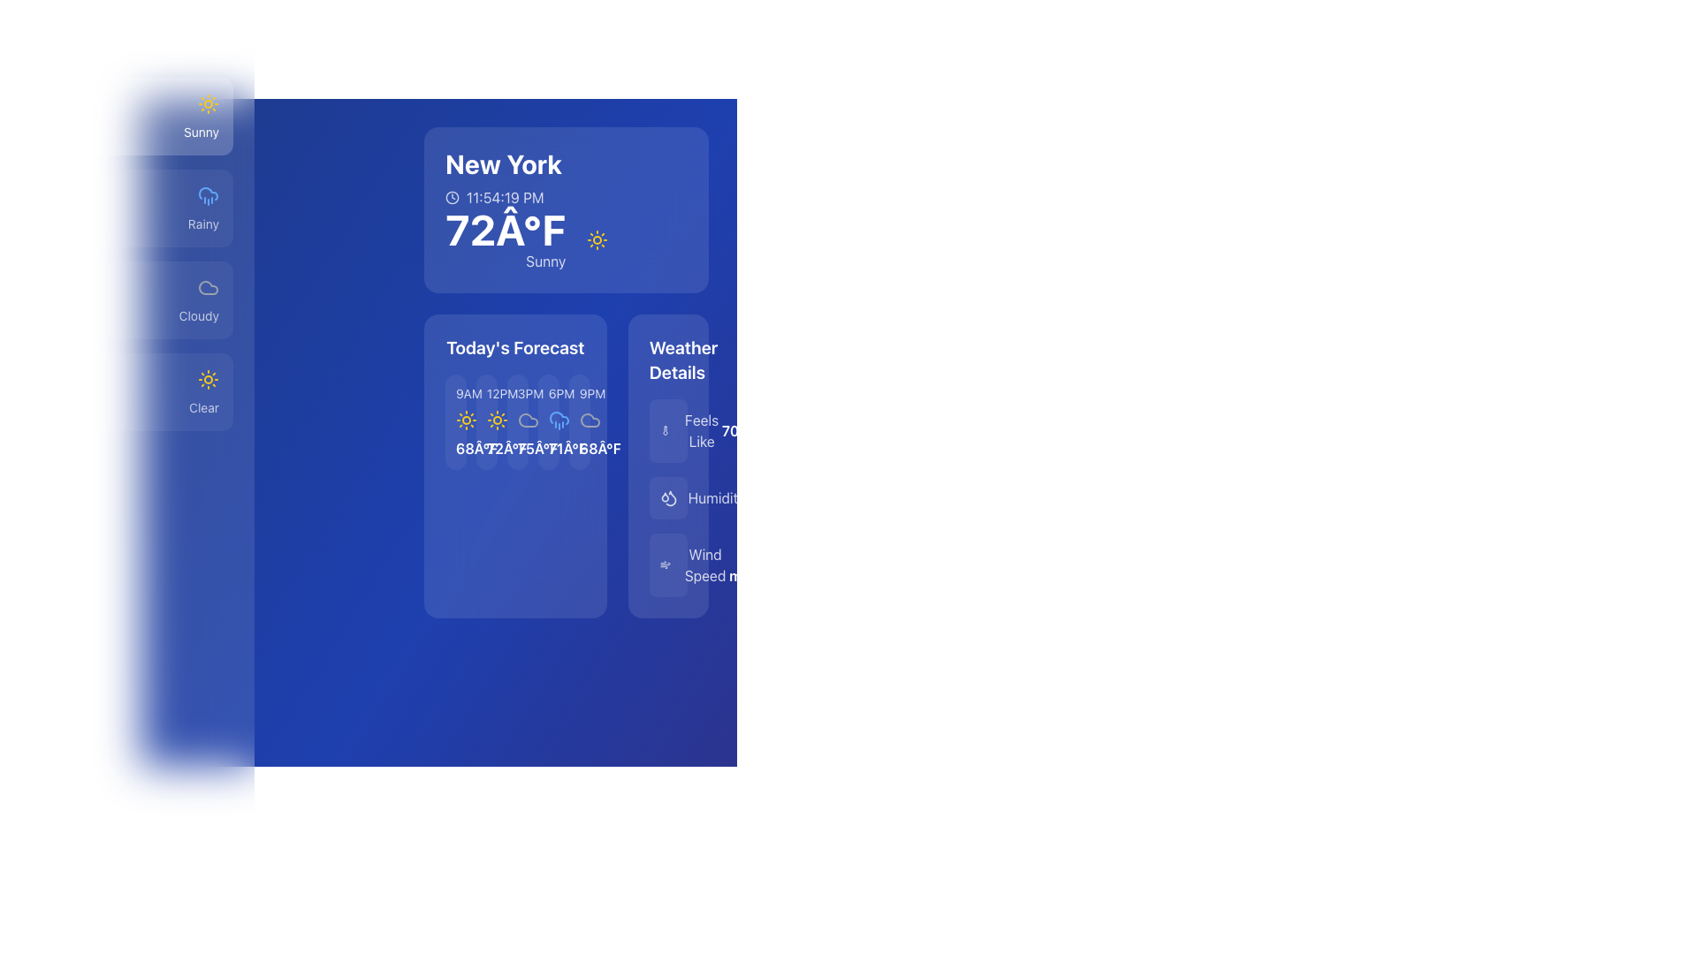  I want to click on the wind motion icon located to the left of the 'Wind Speed' label in the 'Weather Details' section of the interface, so click(664, 565).